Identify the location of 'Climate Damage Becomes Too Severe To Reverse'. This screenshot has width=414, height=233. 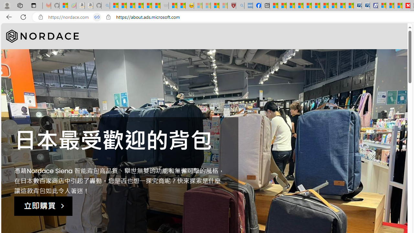
(299, 6).